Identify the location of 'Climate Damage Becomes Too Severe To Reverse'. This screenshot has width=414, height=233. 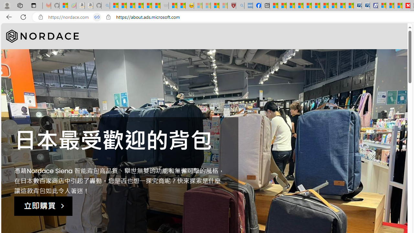
(299, 6).